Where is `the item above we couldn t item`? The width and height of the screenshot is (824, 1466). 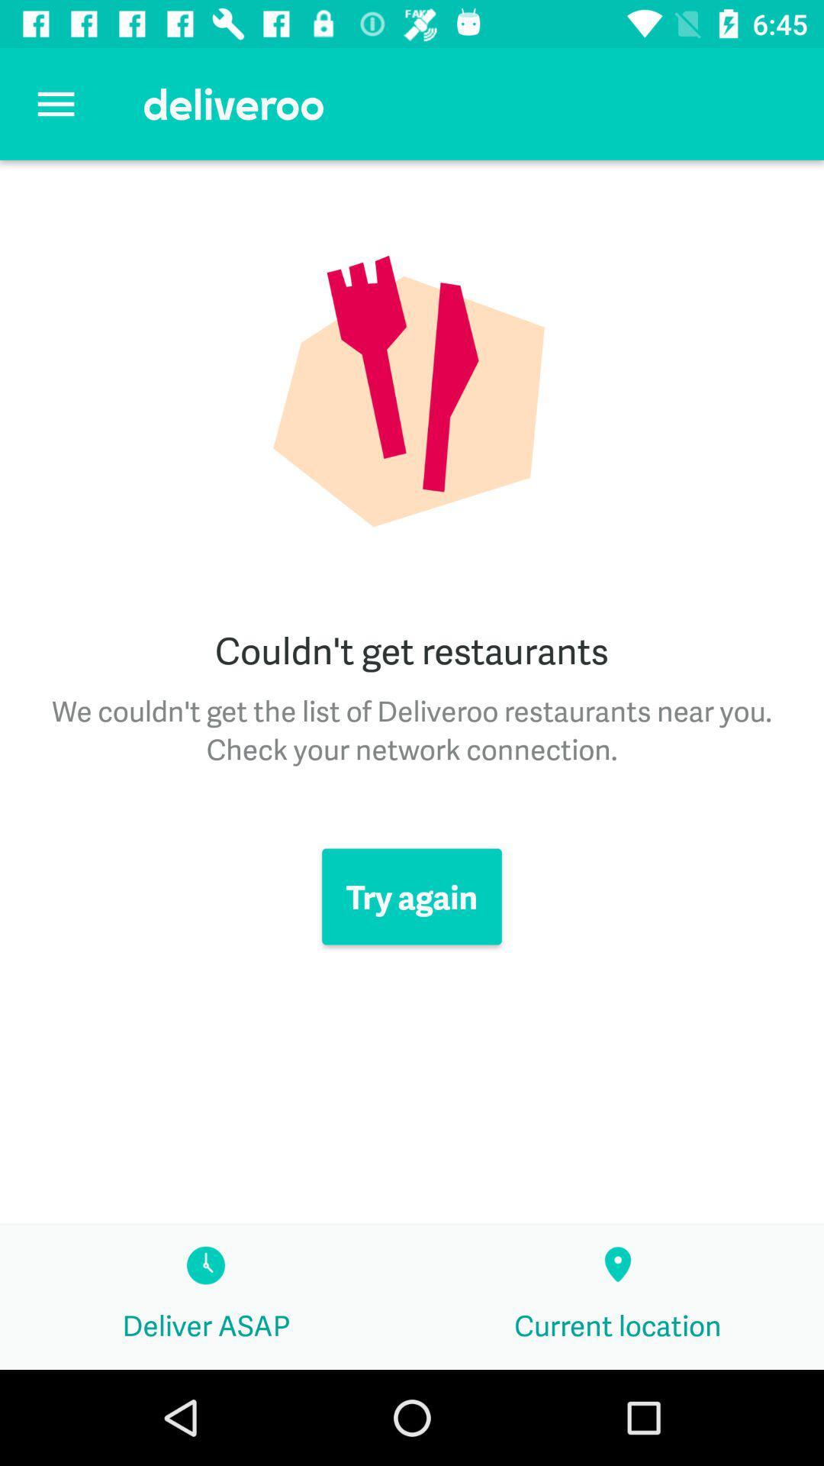
the item above we couldn t item is located at coordinates (55, 103).